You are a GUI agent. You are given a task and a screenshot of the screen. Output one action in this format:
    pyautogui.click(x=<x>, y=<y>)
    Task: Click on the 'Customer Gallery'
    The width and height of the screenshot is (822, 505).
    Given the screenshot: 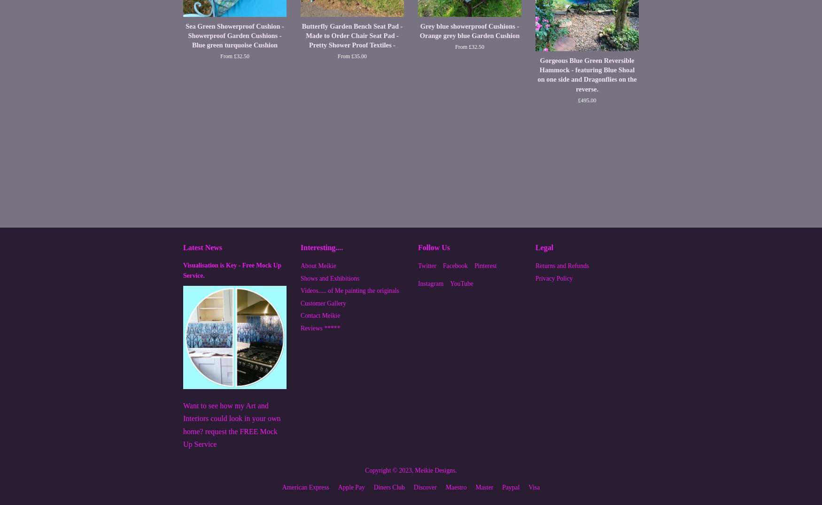 What is the action you would take?
    pyautogui.click(x=323, y=302)
    